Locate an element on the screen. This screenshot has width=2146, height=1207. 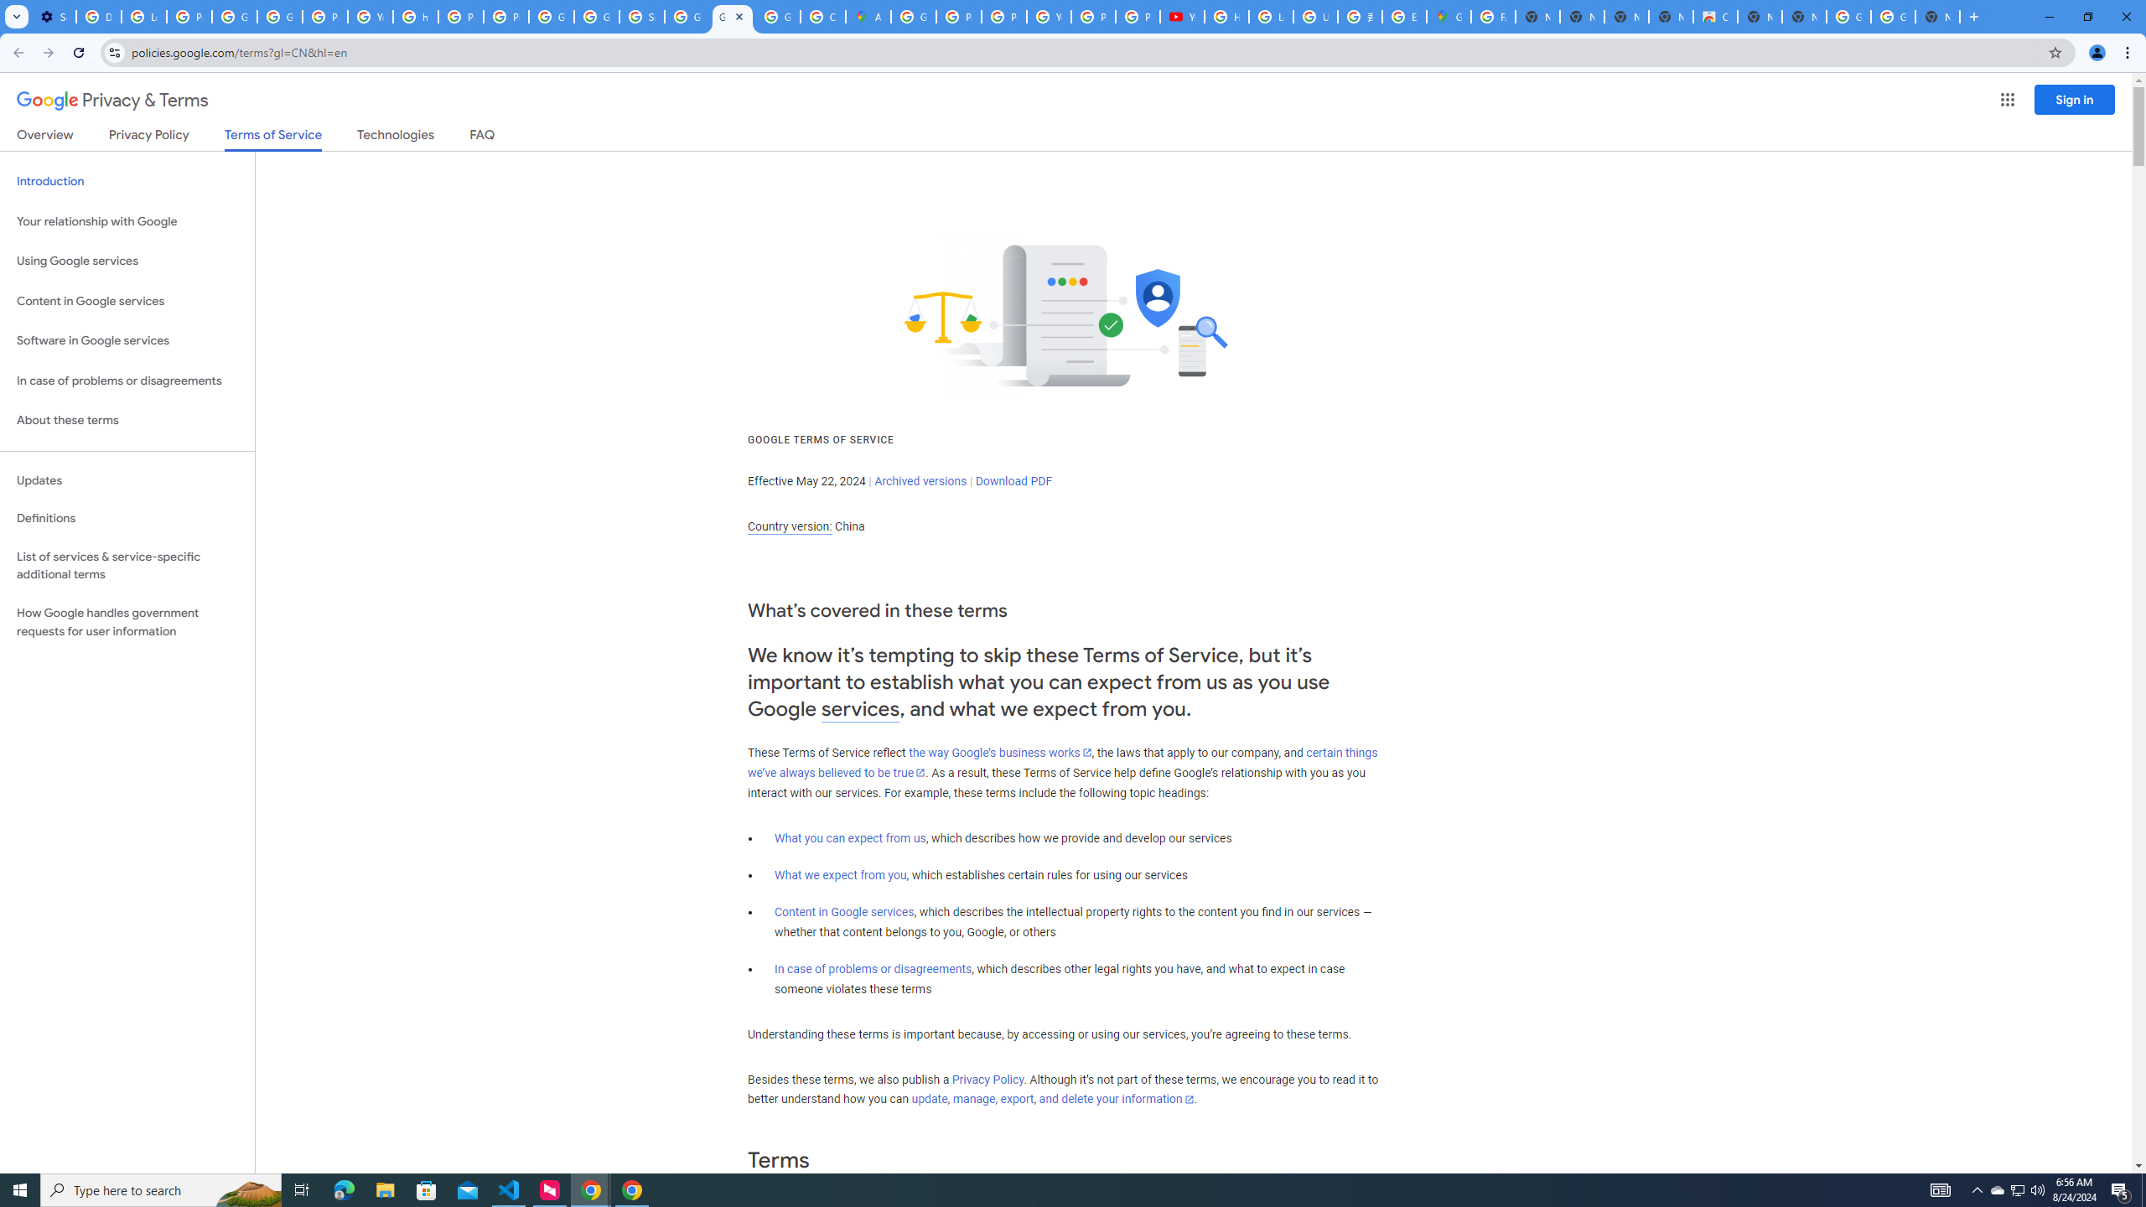
'How Google handles government requests for user information' is located at coordinates (127, 622).